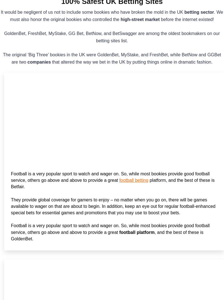  Describe the element at coordinates (131, 62) in the screenshot. I see `'that altered the way we bet in the UK by putting things online in dramatic fashion.'` at that location.